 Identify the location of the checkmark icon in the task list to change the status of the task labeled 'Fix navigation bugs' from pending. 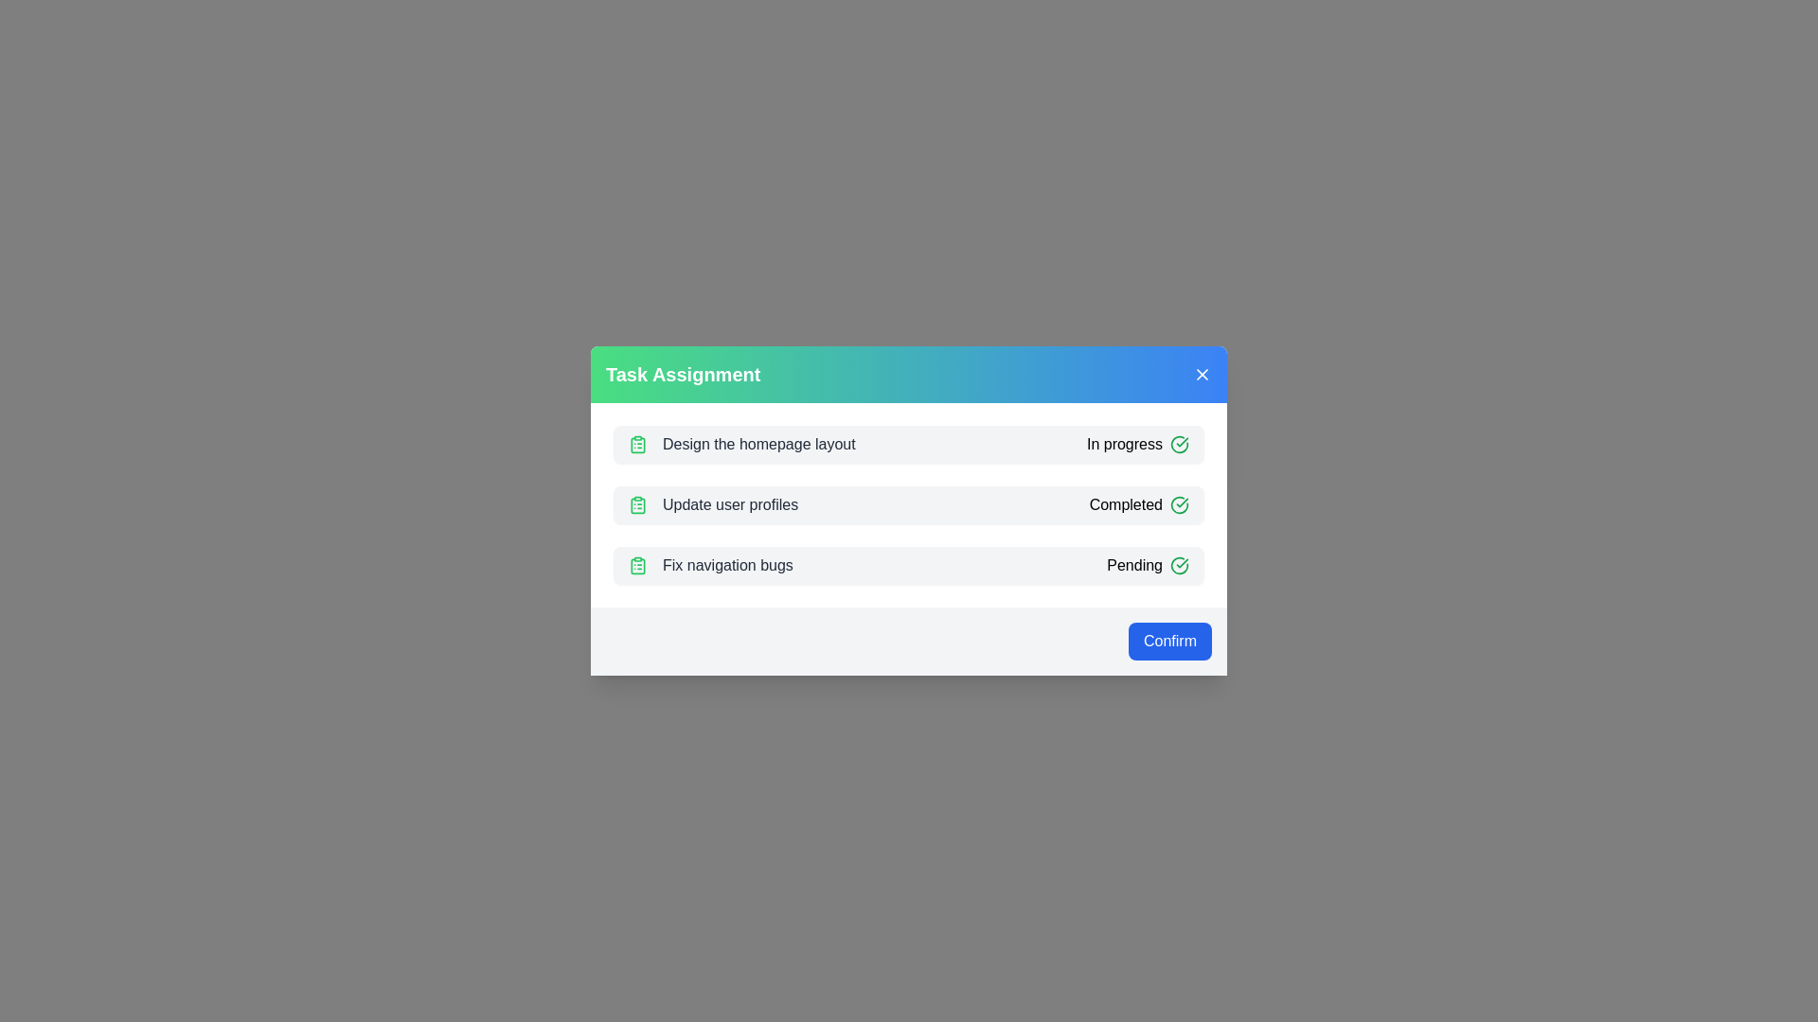
(1147, 564).